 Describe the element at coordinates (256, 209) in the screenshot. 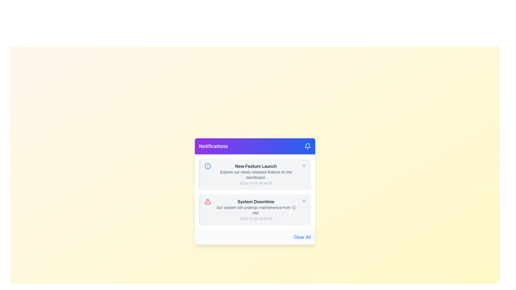

I see `announcement details from the text content displaying 'System Downtime' within the second notification card in the notifications panel` at that location.